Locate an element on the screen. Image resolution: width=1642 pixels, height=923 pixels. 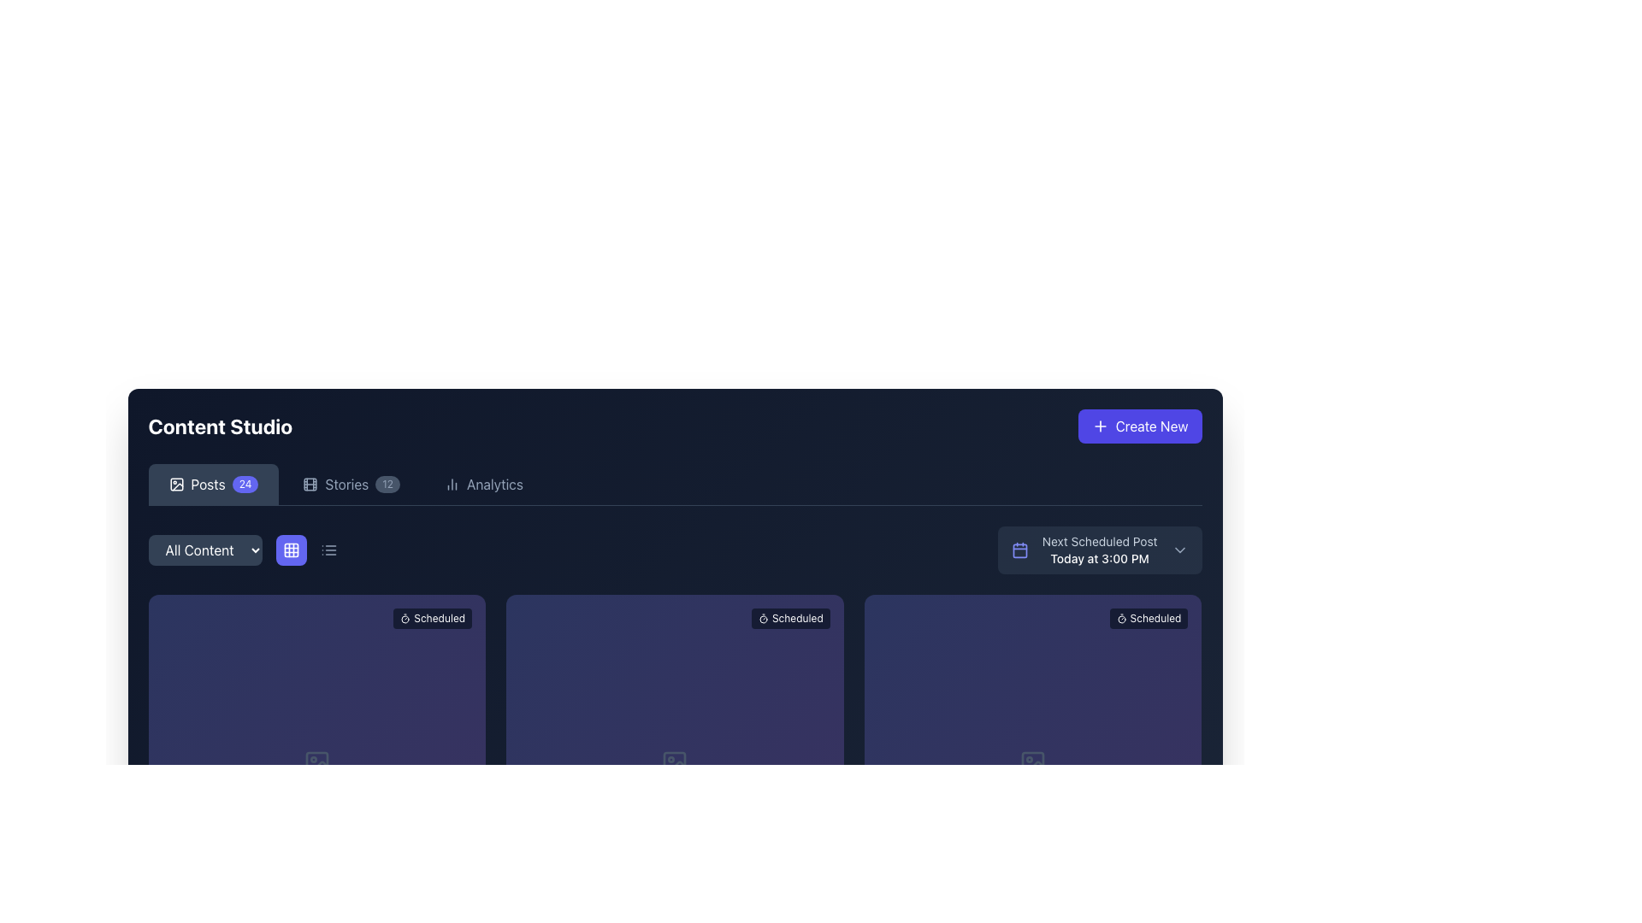
the toggle button located between the 'All Content' dropdown and the list view icon is located at coordinates (310, 550).